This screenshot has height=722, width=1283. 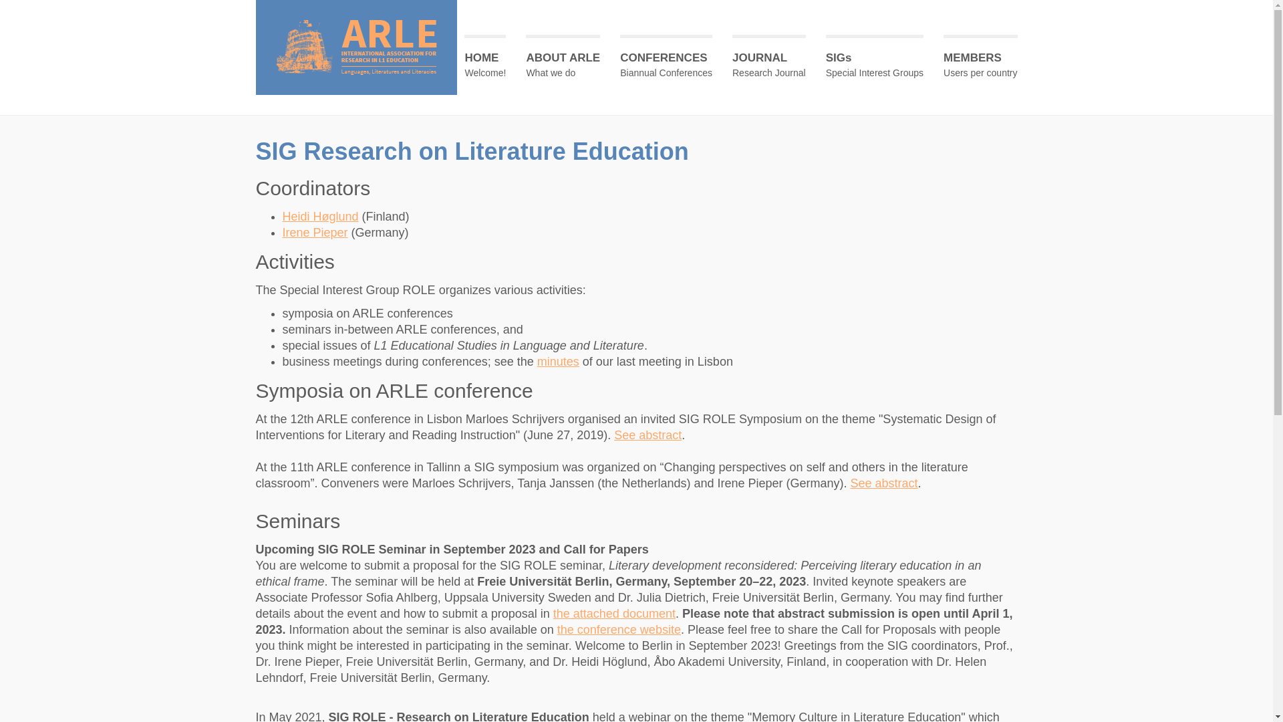 I want to click on 'SIGs, so click(x=875, y=62).